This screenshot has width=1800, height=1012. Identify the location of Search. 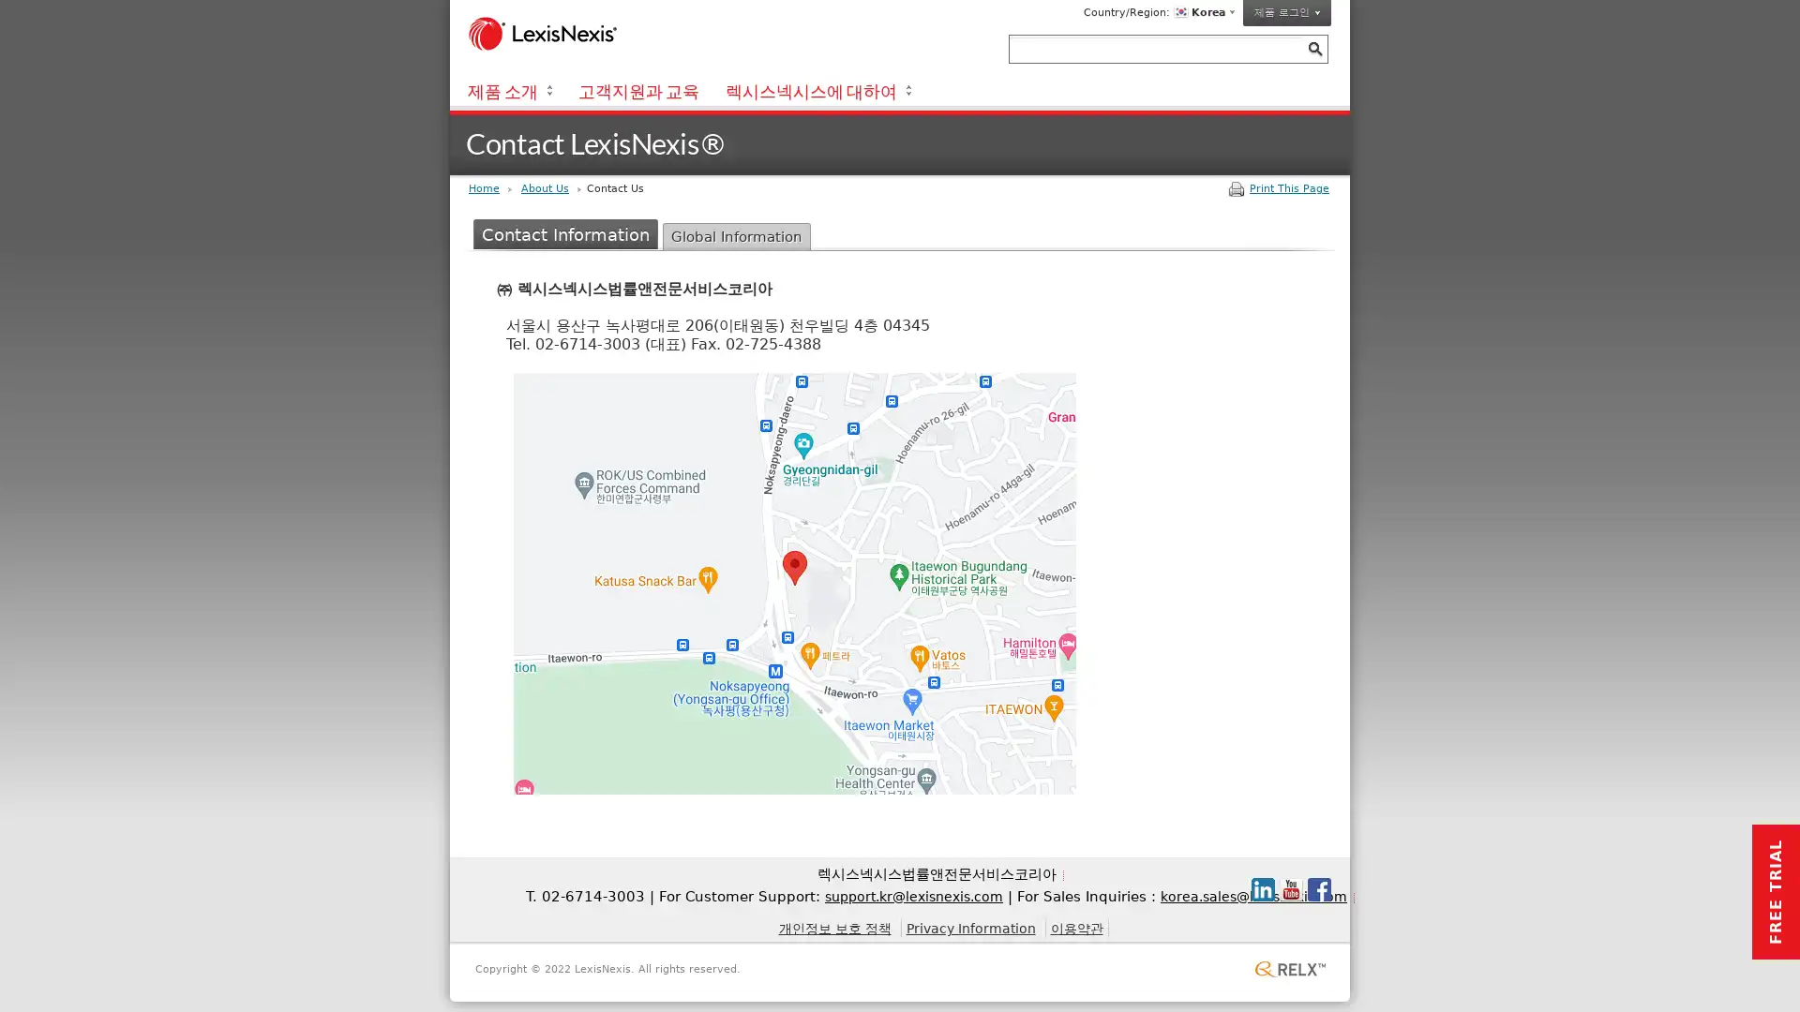
(1313, 48).